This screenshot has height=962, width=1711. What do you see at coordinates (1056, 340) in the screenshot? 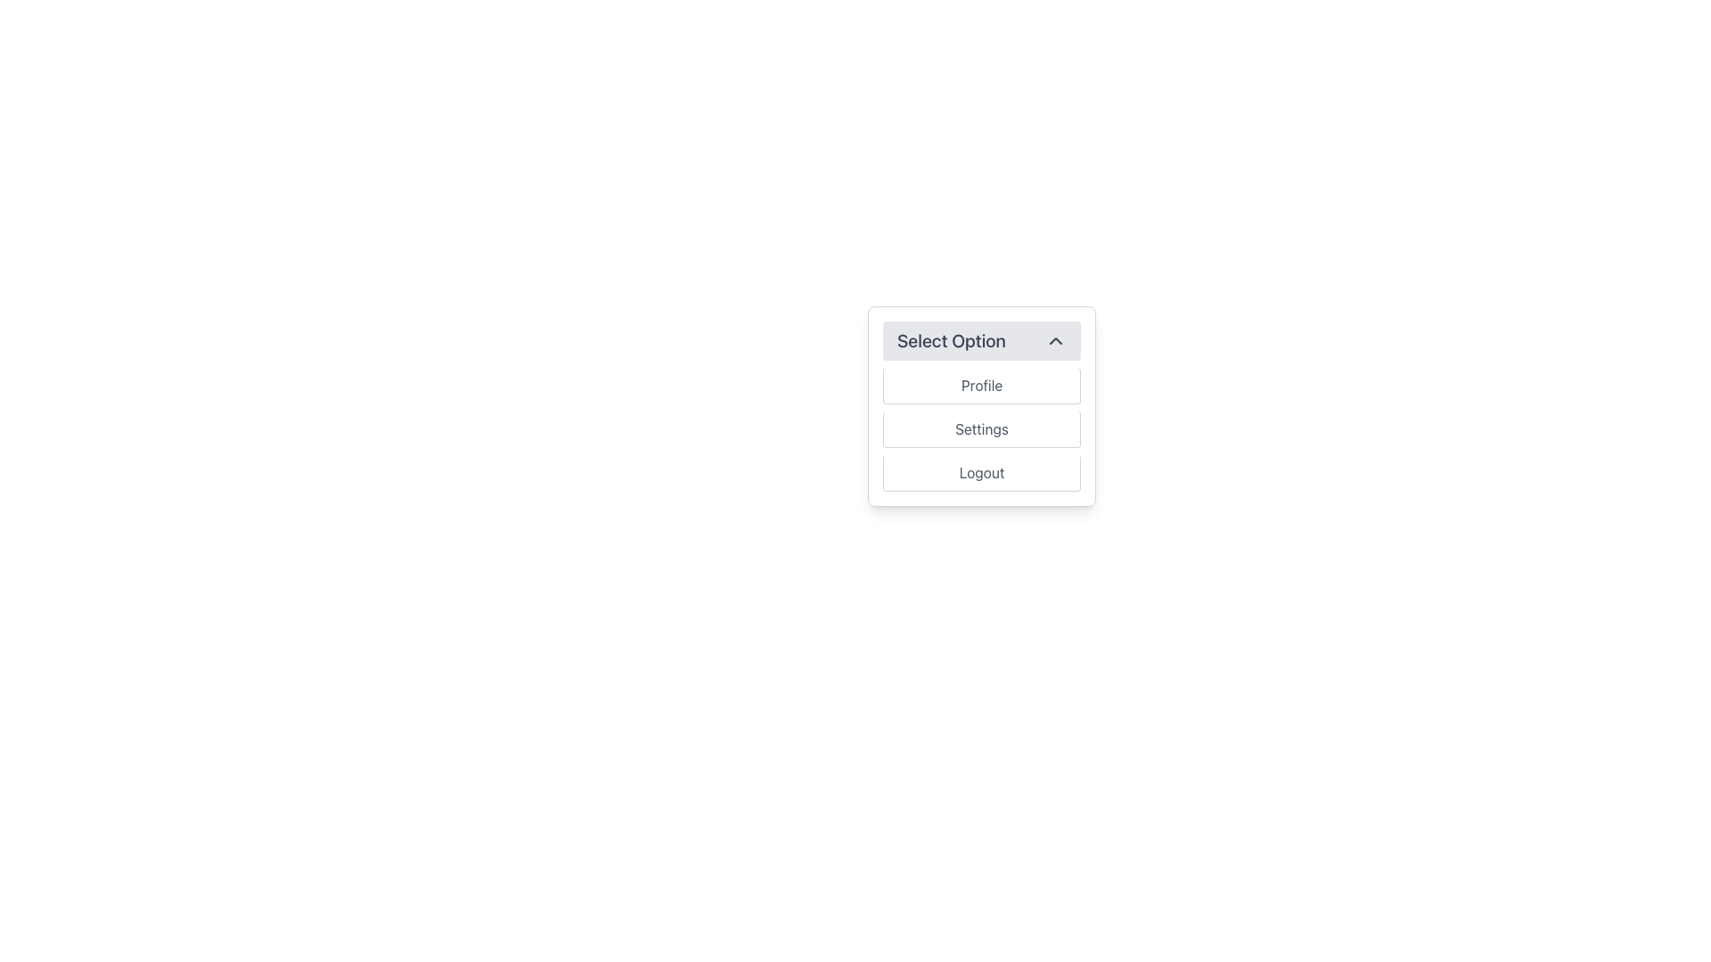
I see `the chevron arrow icon located at the rightmost end of the 'Select Option' button` at bounding box center [1056, 340].